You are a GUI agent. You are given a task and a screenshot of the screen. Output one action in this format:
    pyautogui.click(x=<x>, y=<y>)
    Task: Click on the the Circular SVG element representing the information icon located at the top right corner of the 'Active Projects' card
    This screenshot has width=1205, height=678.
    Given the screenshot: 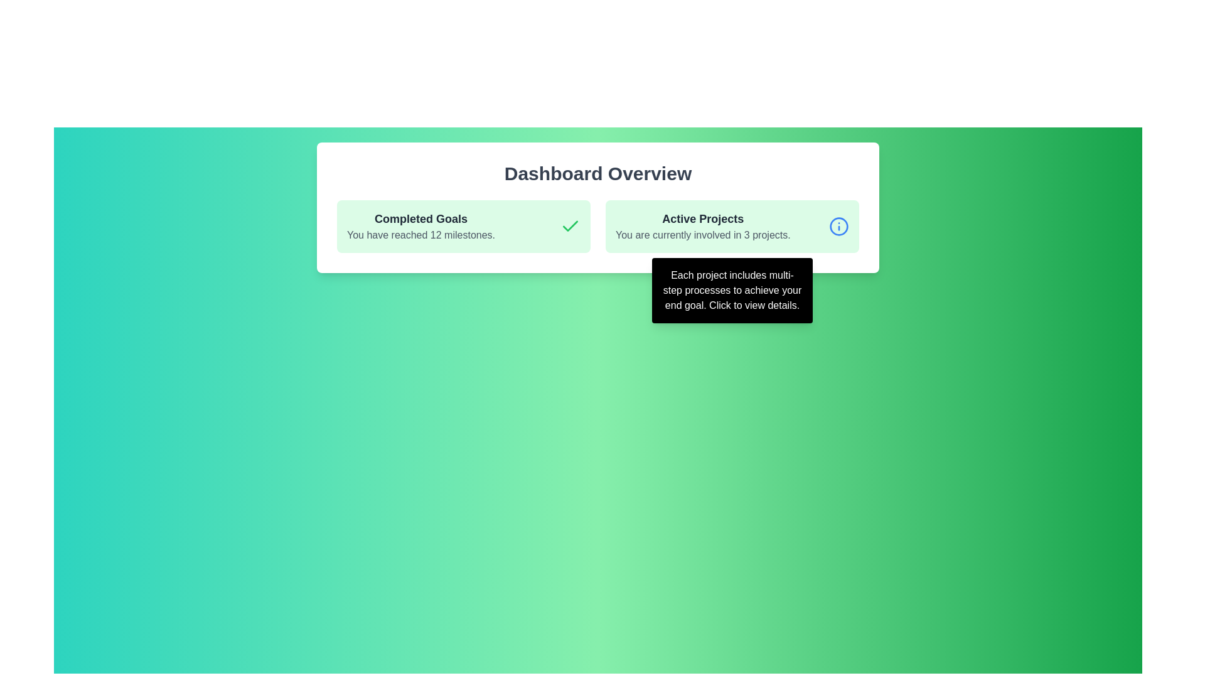 What is the action you would take?
    pyautogui.click(x=839, y=227)
    